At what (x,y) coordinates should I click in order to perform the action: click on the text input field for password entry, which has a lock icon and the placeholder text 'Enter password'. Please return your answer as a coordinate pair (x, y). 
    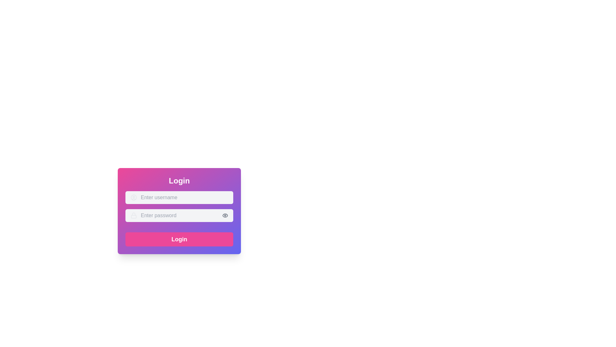
    Looking at the image, I should click on (179, 211).